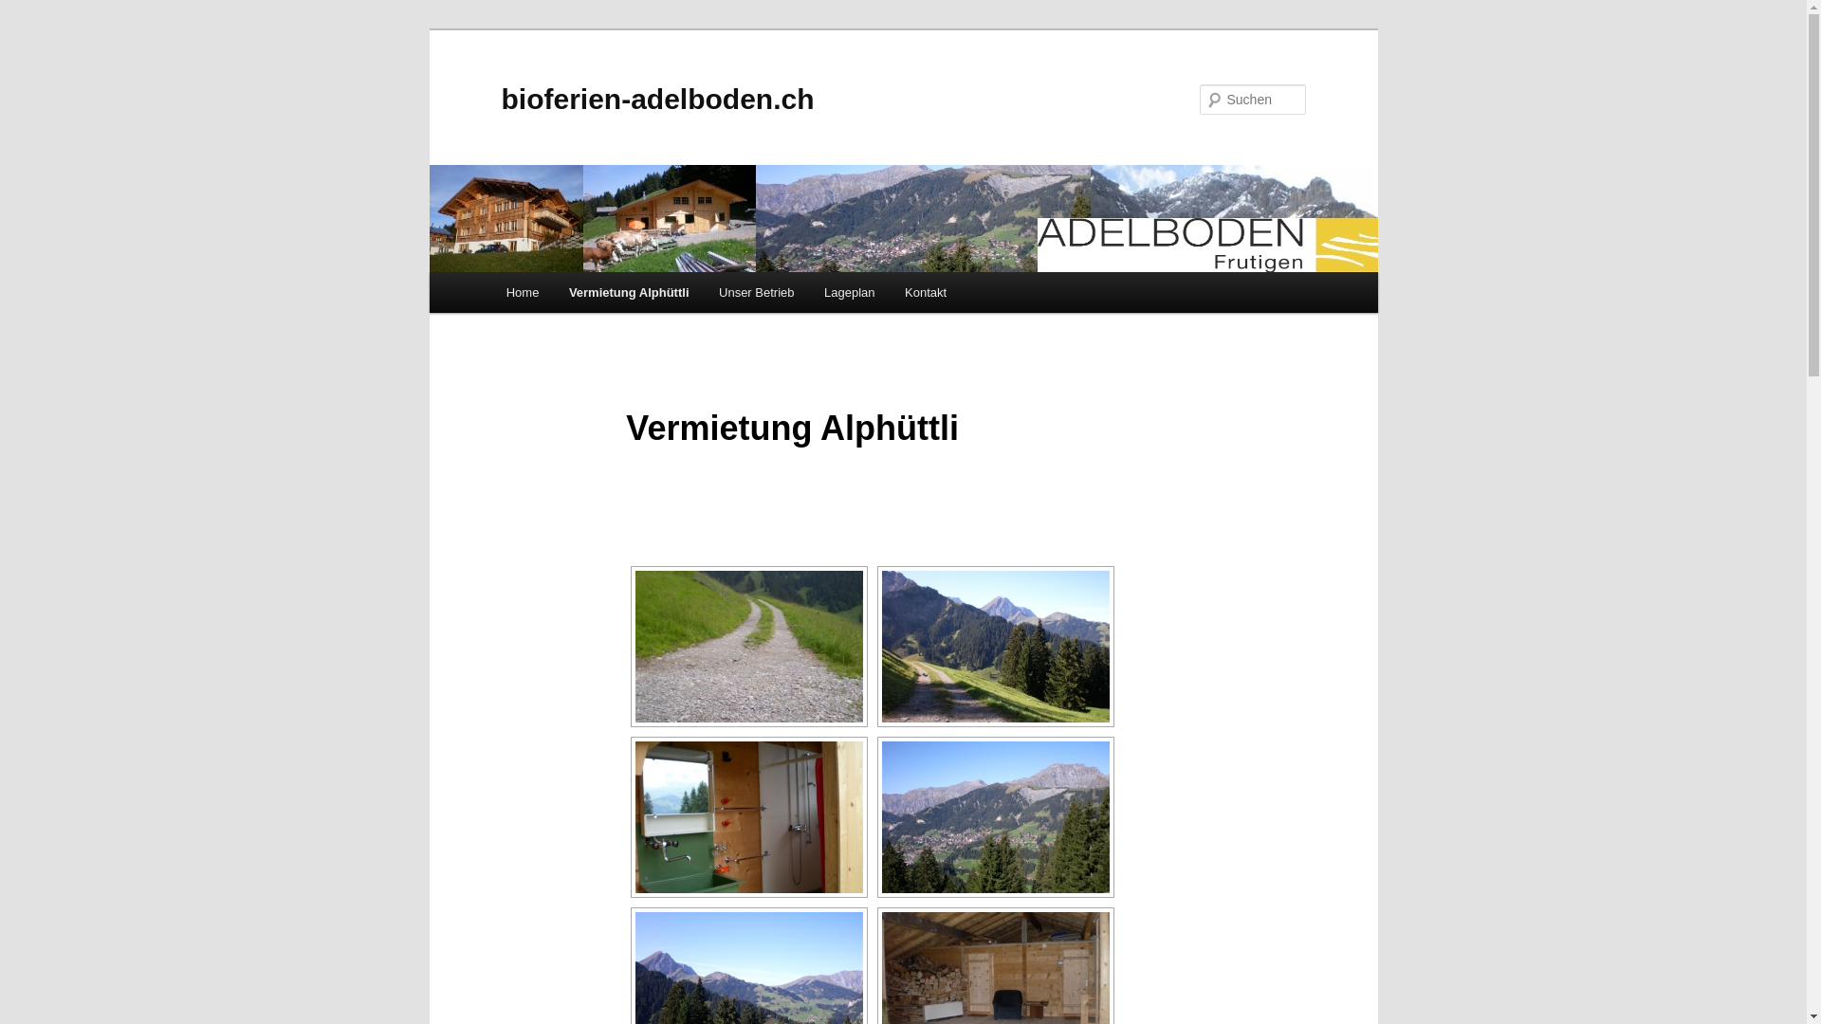 The image size is (1821, 1024). What do you see at coordinates (31, 10) in the screenshot?
I see `'Suchen'` at bounding box center [31, 10].